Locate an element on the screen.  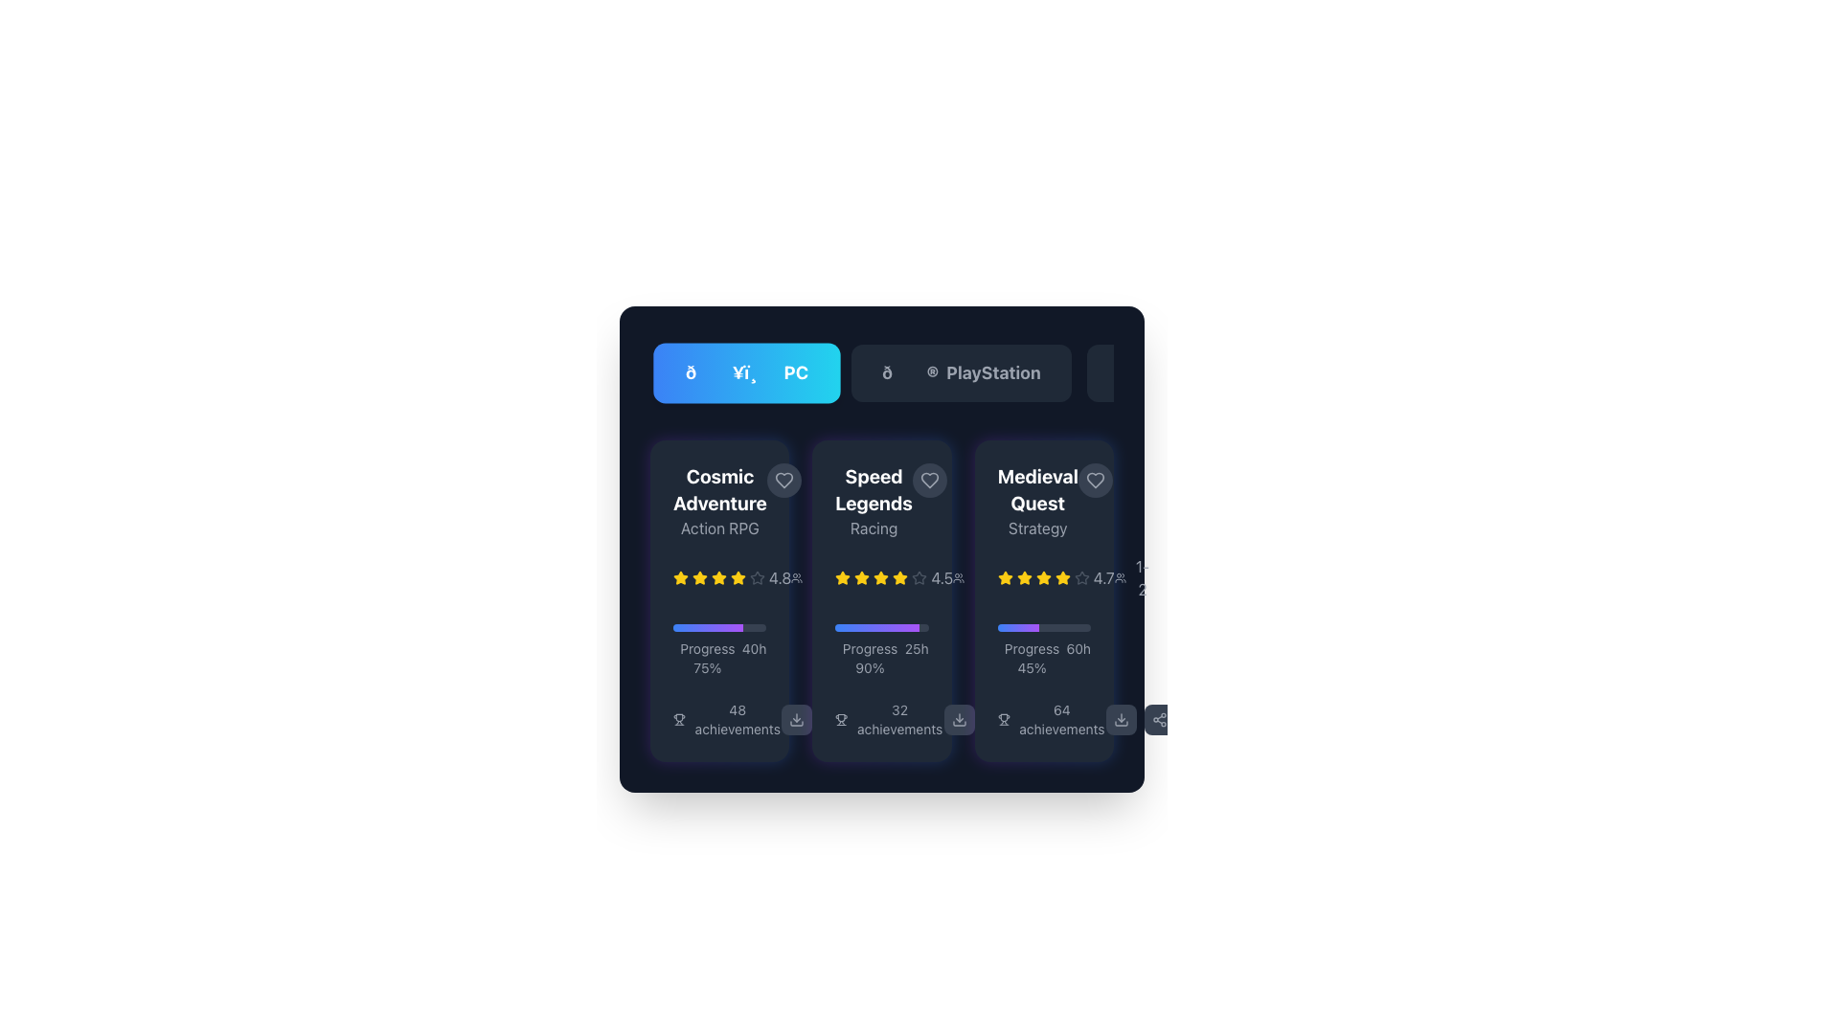
the informational text label that indicates the number of achievements for the 'Cosmic Adventure' entry is located at coordinates (718, 720).